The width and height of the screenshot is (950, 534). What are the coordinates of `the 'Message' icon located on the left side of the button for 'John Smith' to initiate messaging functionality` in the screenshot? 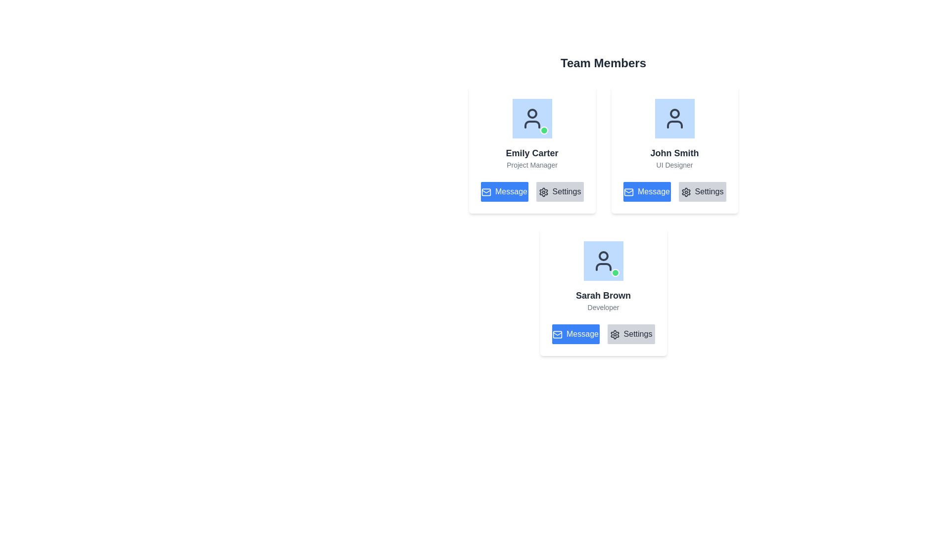 It's located at (628, 192).